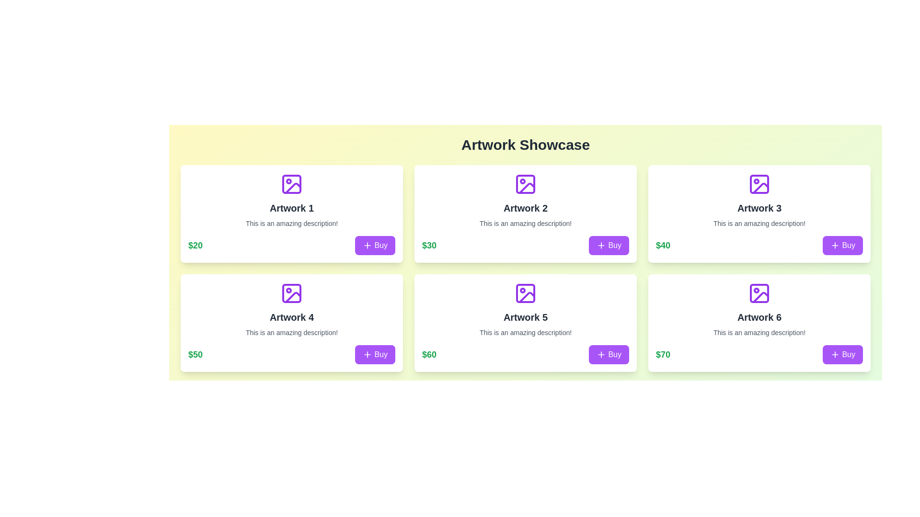 This screenshot has height=517, width=920. Describe the element at coordinates (525, 208) in the screenshot. I see `the Text Label that serves as a title or name label for the product in the second card of the top row in the grid layout` at that location.